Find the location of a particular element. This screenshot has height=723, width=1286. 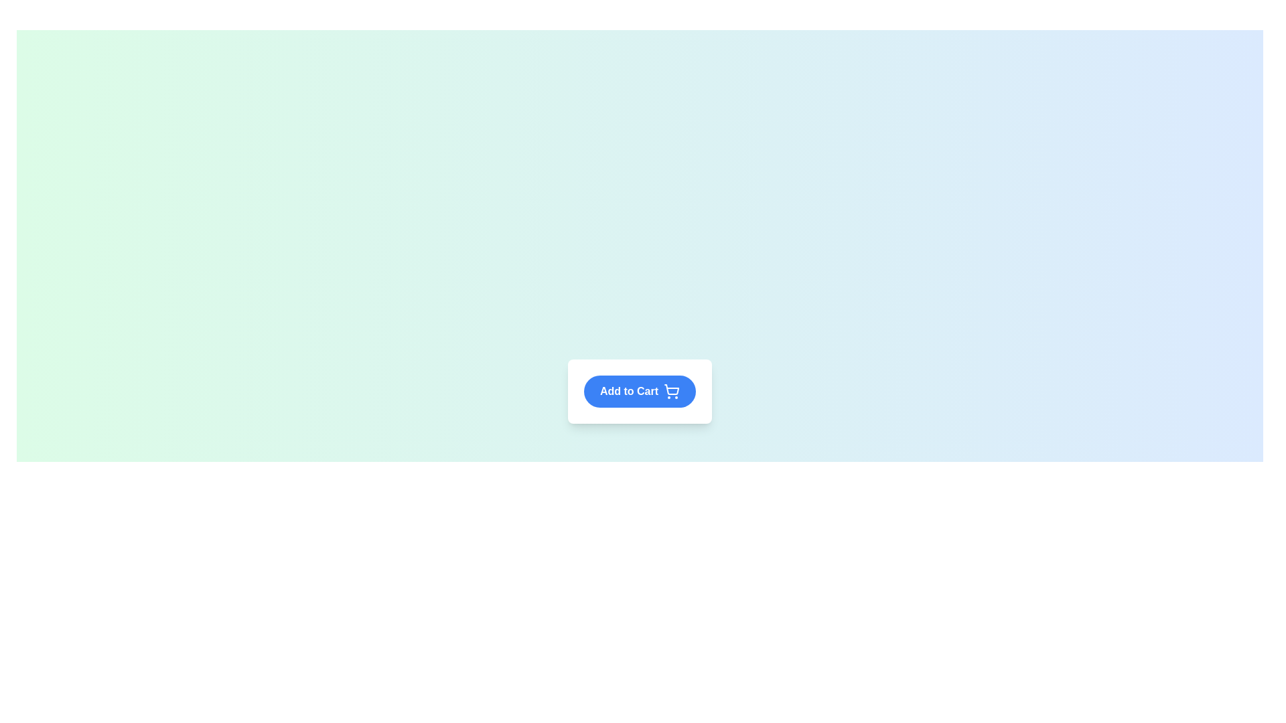

the shopping cart icon located to the right of the 'Add to Cart' button text is located at coordinates (672, 392).